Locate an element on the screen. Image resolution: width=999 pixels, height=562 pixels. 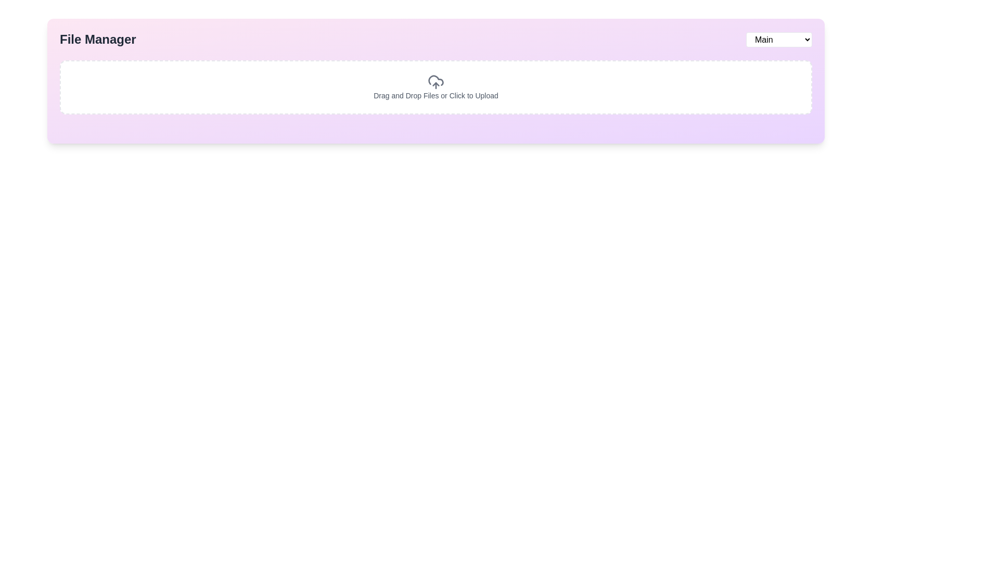
the dropdown menu labeled 'Main' within the 'File Manager' header for keyboard navigation is located at coordinates (779, 39).